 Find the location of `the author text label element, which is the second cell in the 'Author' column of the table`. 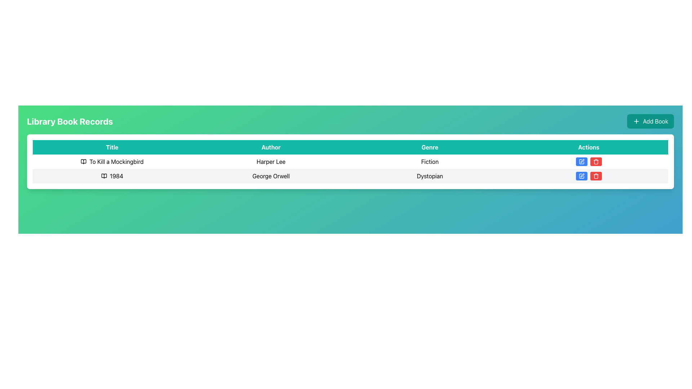

the author text label element, which is the second cell in the 'Author' column of the table is located at coordinates (271, 176).